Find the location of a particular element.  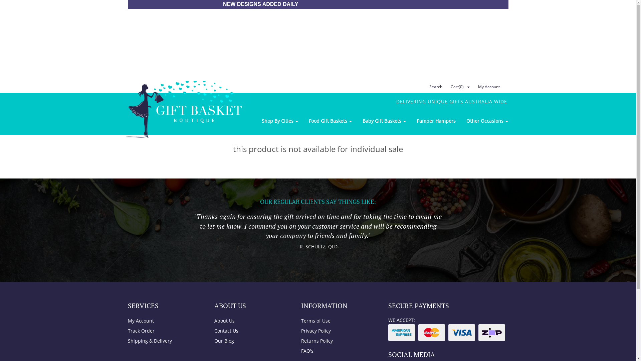

'About Us' is located at coordinates (250, 321).